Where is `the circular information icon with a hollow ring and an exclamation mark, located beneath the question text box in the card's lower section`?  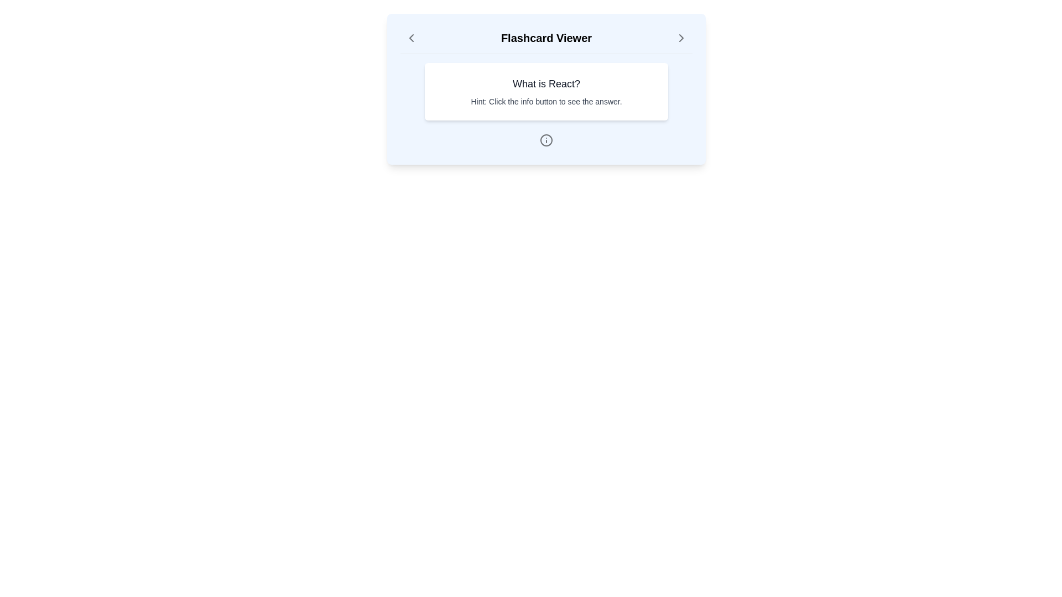
the circular information icon with a hollow ring and an exclamation mark, located beneath the question text box in the card's lower section is located at coordinates (546, 140).